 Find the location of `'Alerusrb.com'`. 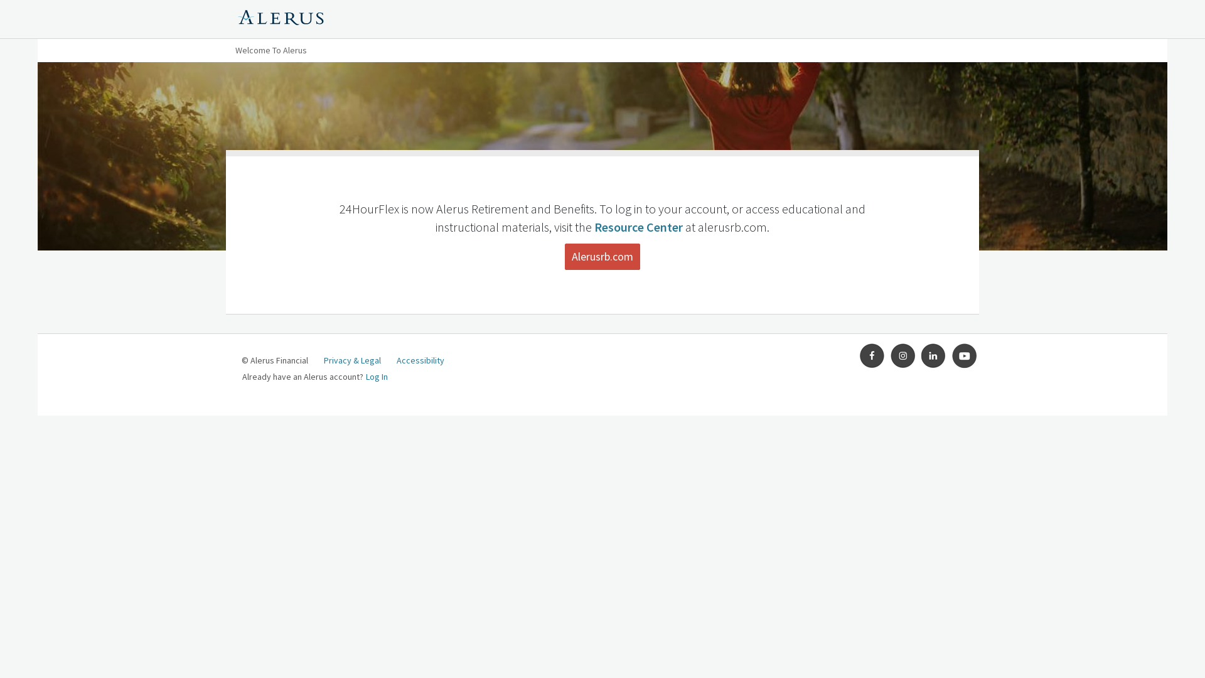

'Alerusrb.com' is located at coordinates (564, 256).